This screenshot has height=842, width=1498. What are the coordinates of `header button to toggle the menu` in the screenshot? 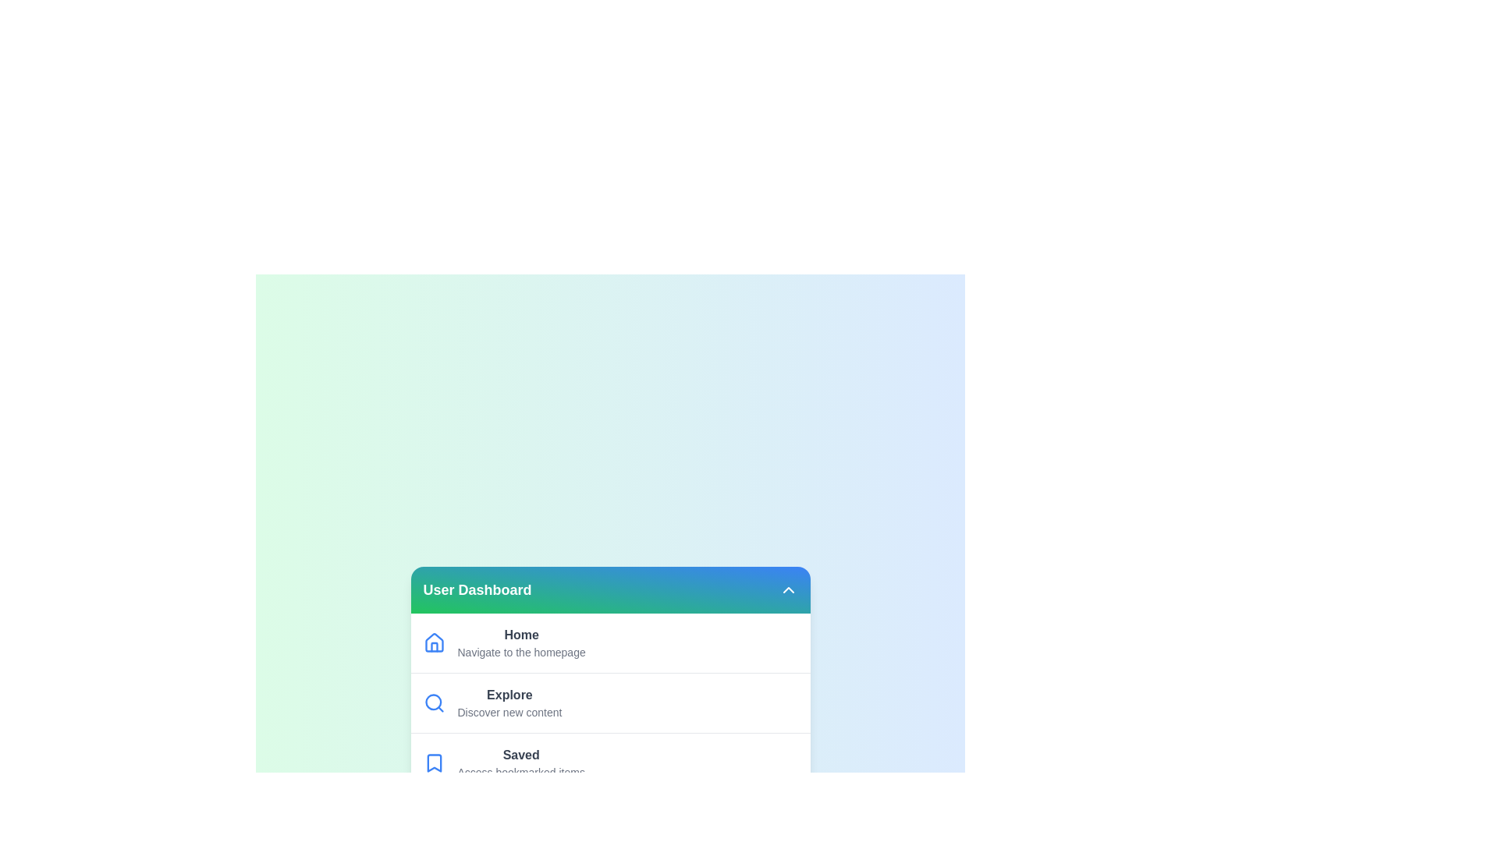 It's located at (788, 589).